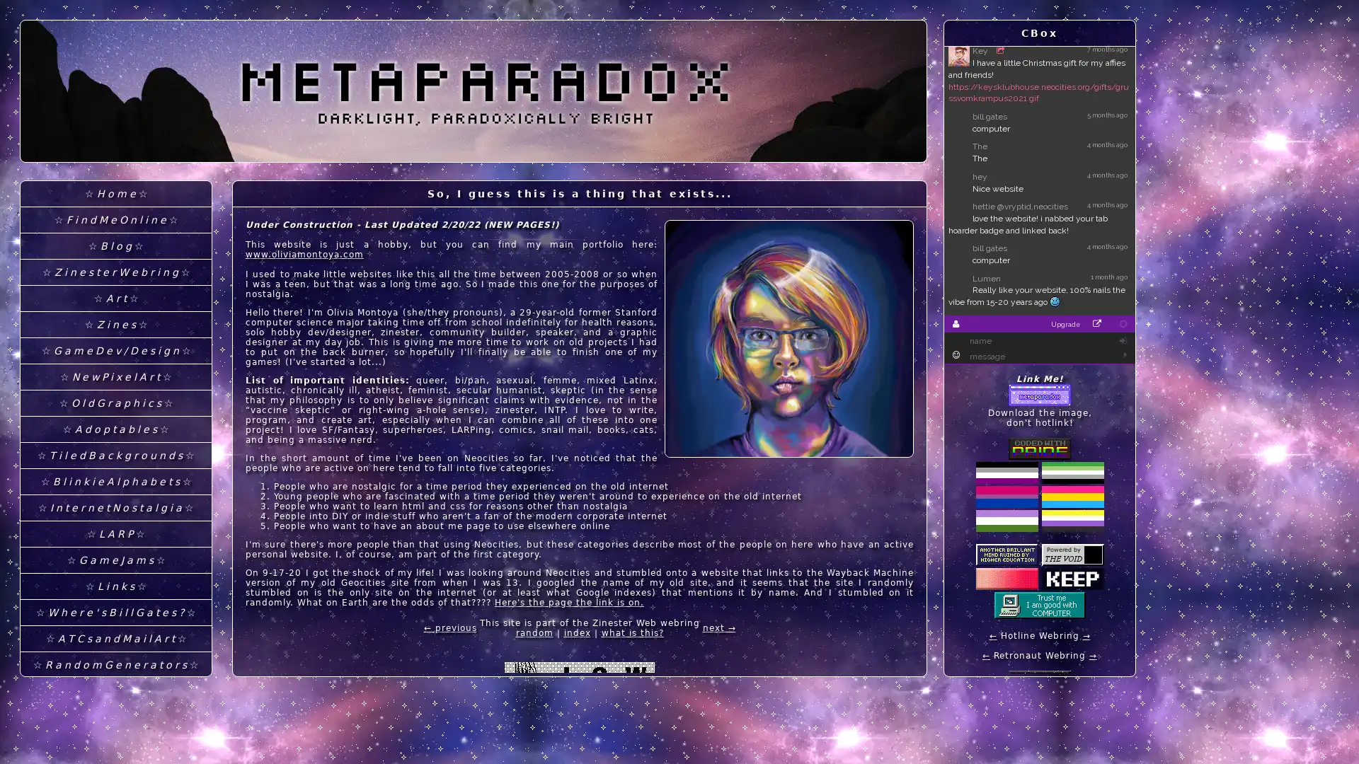 The width and height of the screenshot is (1359, 764). Describe the element at coordinates (115, 403) in the screenshot. I see `O l d G r a p h i c s` at that location.